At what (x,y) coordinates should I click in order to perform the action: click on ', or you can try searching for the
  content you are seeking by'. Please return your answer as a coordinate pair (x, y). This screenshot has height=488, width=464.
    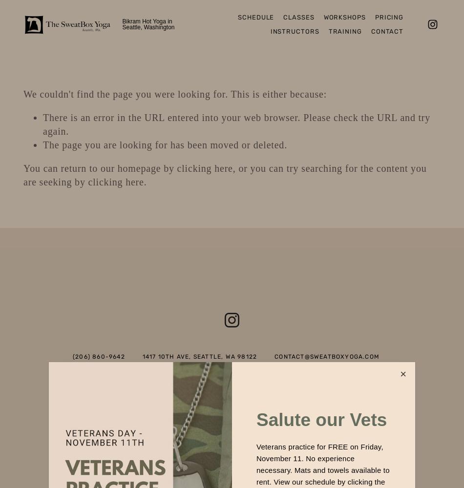
    Looking at the image, I should click on (23, 175).